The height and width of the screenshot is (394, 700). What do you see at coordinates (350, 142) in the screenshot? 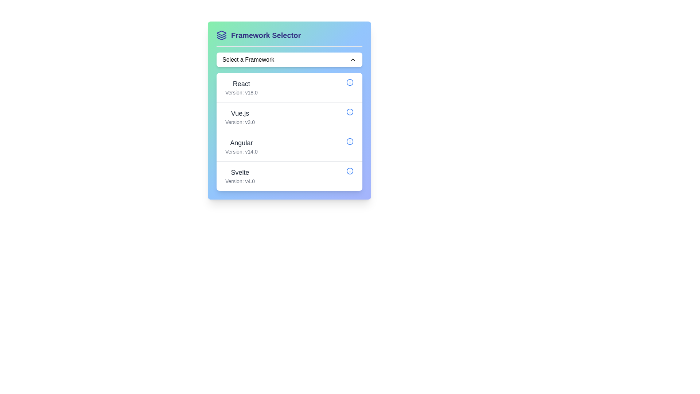
I see `the Circle icon related to the 'Angular' framework located in the third row, near the right side, aligning with the framework name and version text` at bounding box center [350, 142].